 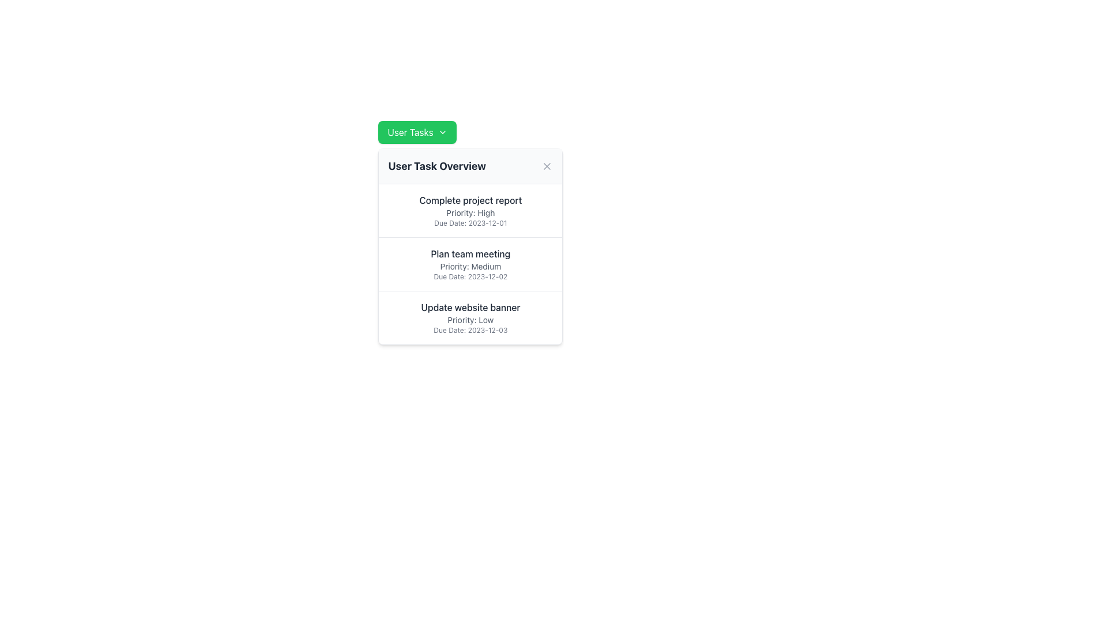 What do you see at coordinates (470, 211) in the screenshot?
I see `the non-interactive text block displaying the task summary 'Complete project report', which includes 'Priority: High' and 'Due Date: 2023-12-01'` at bounding box center [470, 211].